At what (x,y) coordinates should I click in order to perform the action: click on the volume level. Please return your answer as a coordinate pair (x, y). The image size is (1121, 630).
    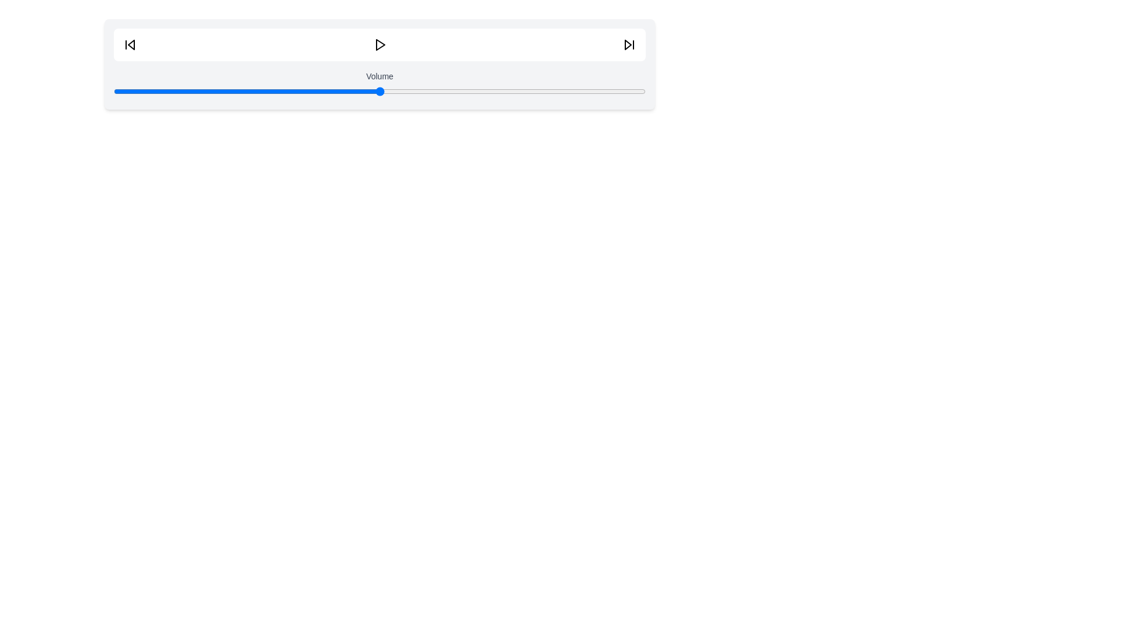
    Looking at the image, I should click on (326, 91).